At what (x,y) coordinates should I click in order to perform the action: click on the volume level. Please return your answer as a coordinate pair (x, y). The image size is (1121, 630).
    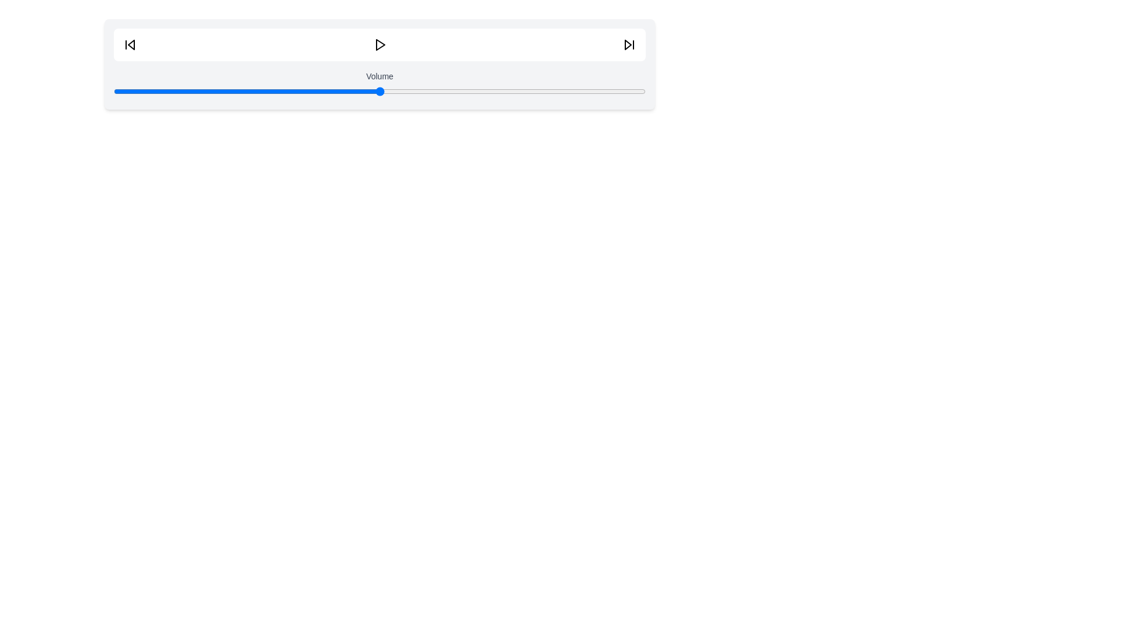
    Looking at the image, I should click on (326, 91).